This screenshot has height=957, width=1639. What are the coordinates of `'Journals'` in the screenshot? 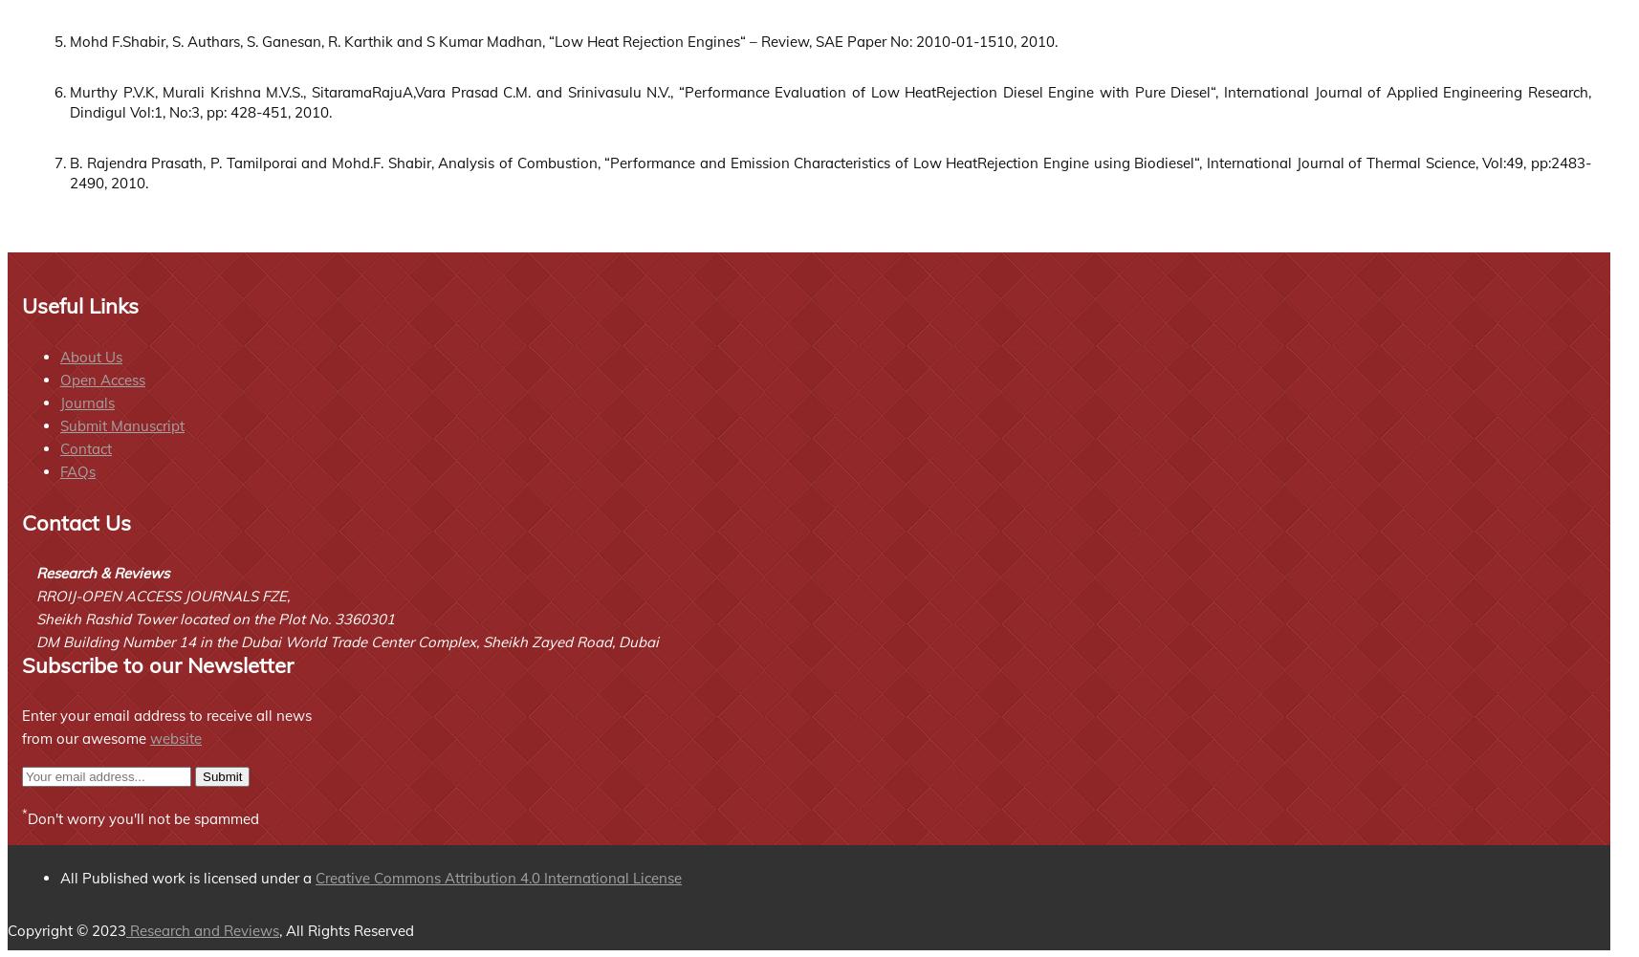 It's located at (86, 401).